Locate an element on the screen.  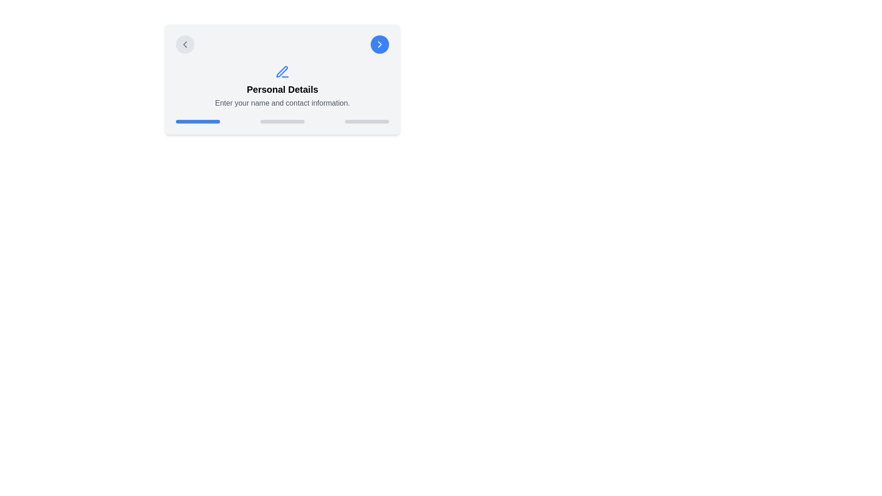
the left-arrow button to navigate to the previous step is located at coordinates (185, 44).